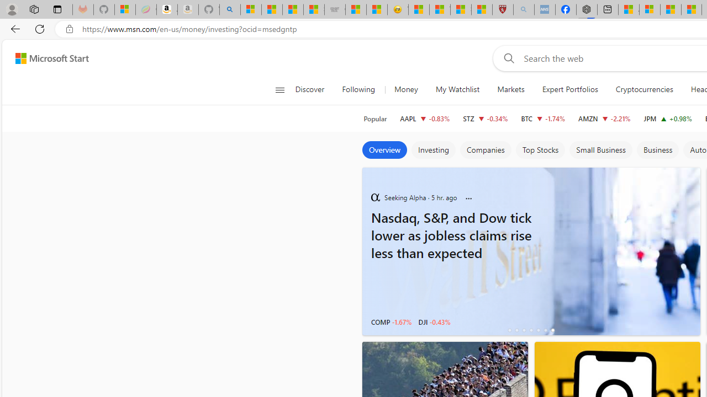  Describe the element at coordinates (569, 89) in the screenshot. I see `'Expert Portfolios'` at that location.